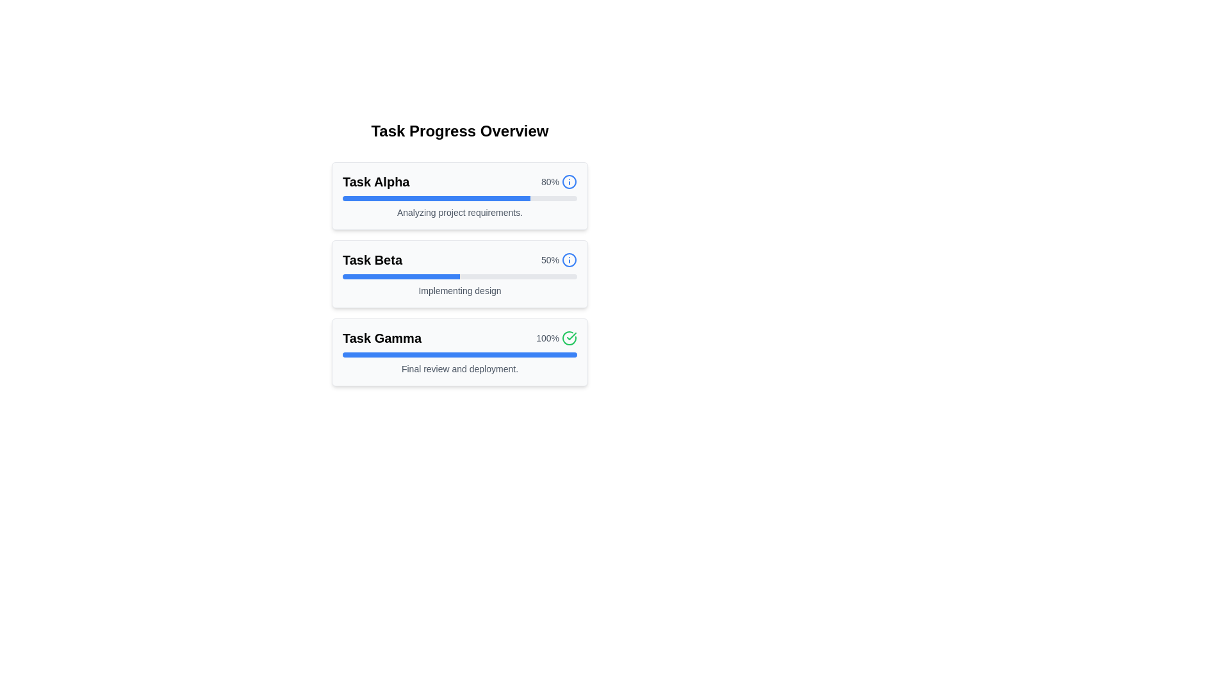 The height and width of the screenshot is (692, 1230). What do you see at coordinates (400, 276) in the screenshot?
I see `the filled segment of the progress bar indicating 50% completion of 'Task Beta' in the 'Task Progress Overview' section` at bounding box center [400, 276].